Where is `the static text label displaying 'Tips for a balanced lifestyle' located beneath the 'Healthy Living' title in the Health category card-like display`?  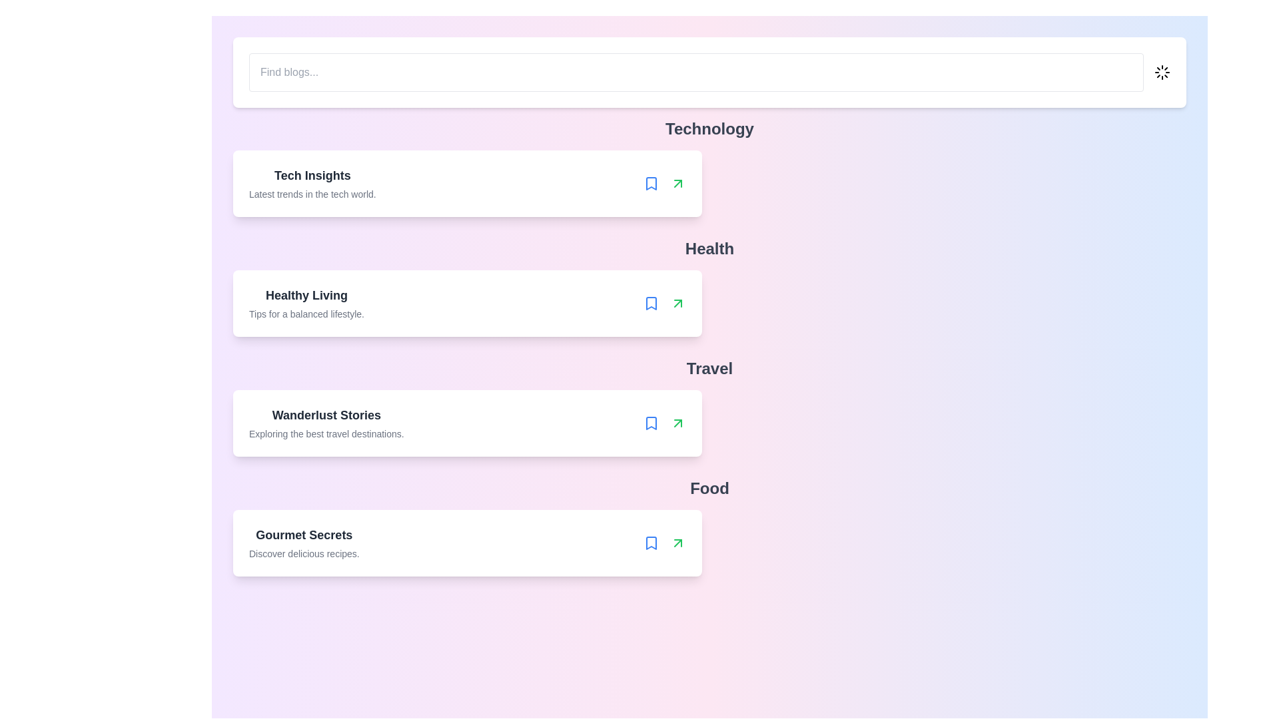 the static text label displaying 'Tips for a balanced lifestyle' located beneath the 'Healthy Living' title in the Health category card-like display is located at coordinates (306, 314).